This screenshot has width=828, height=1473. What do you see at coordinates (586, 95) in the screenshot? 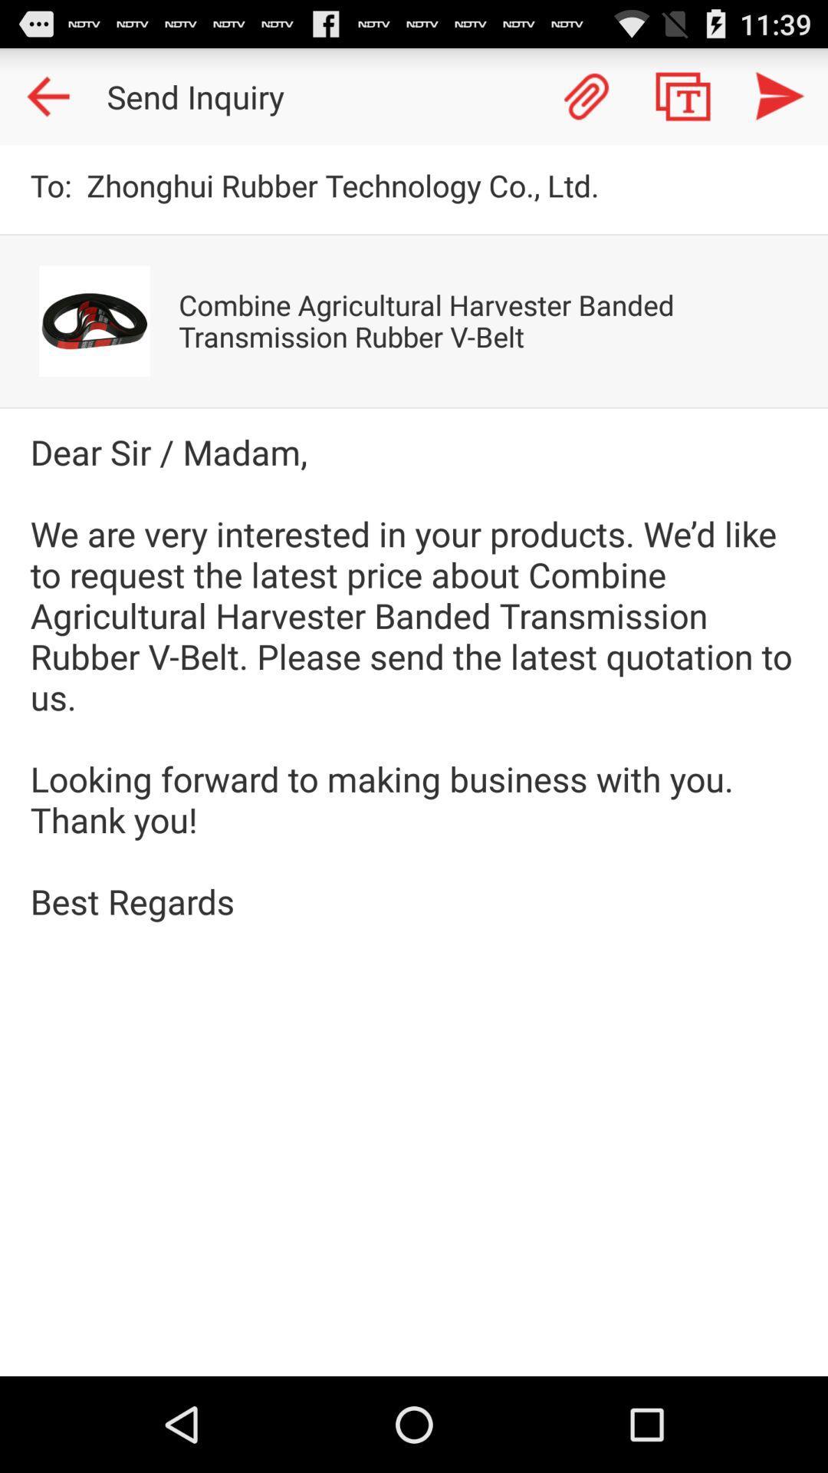
I see `choose attachment option` at bounding box center [586, 95].